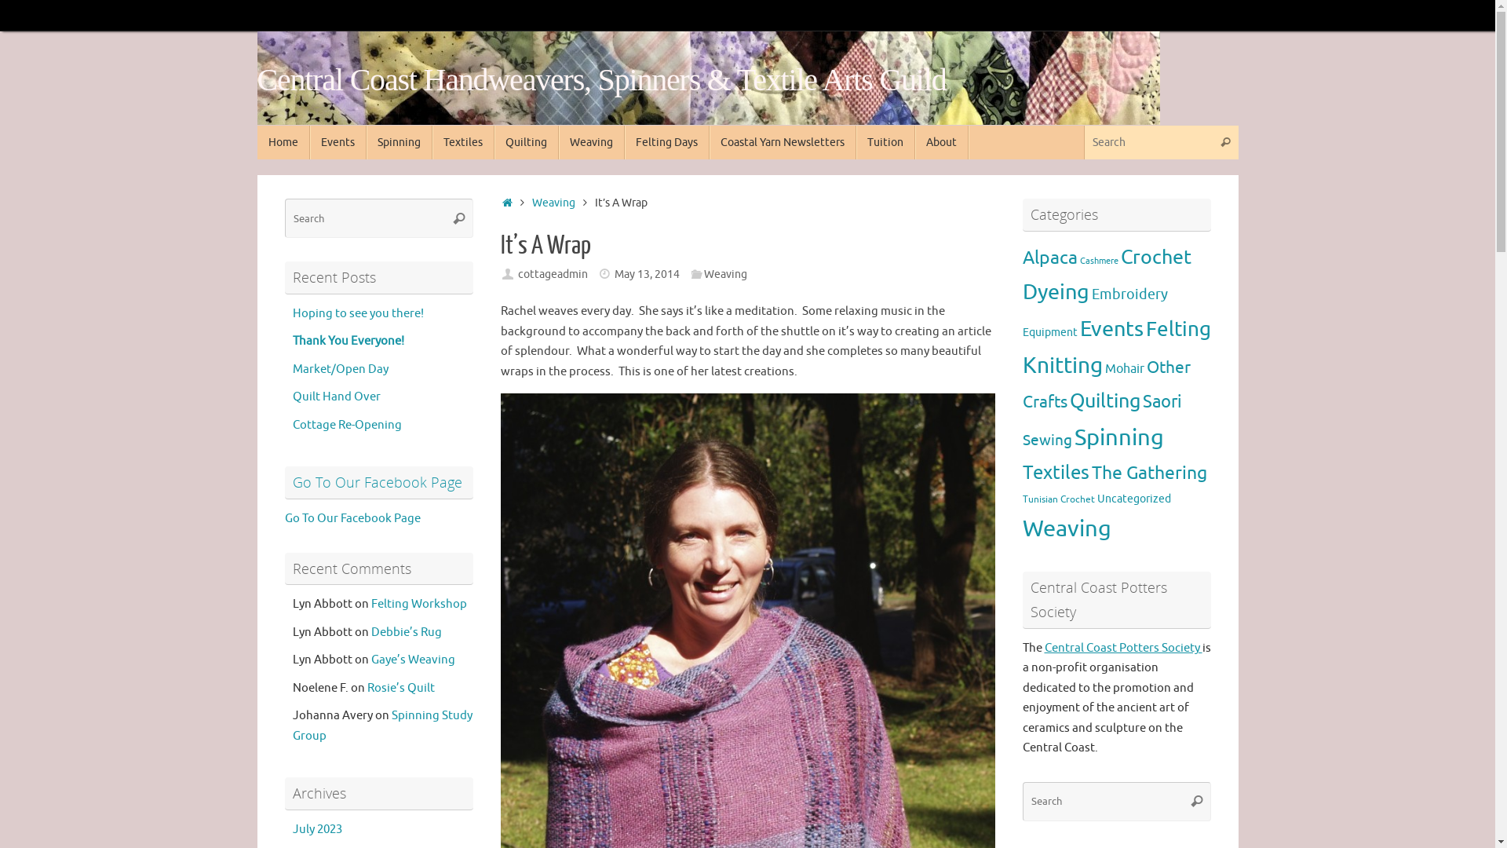  I want to click on 'Equipment', so click(1049, 331).